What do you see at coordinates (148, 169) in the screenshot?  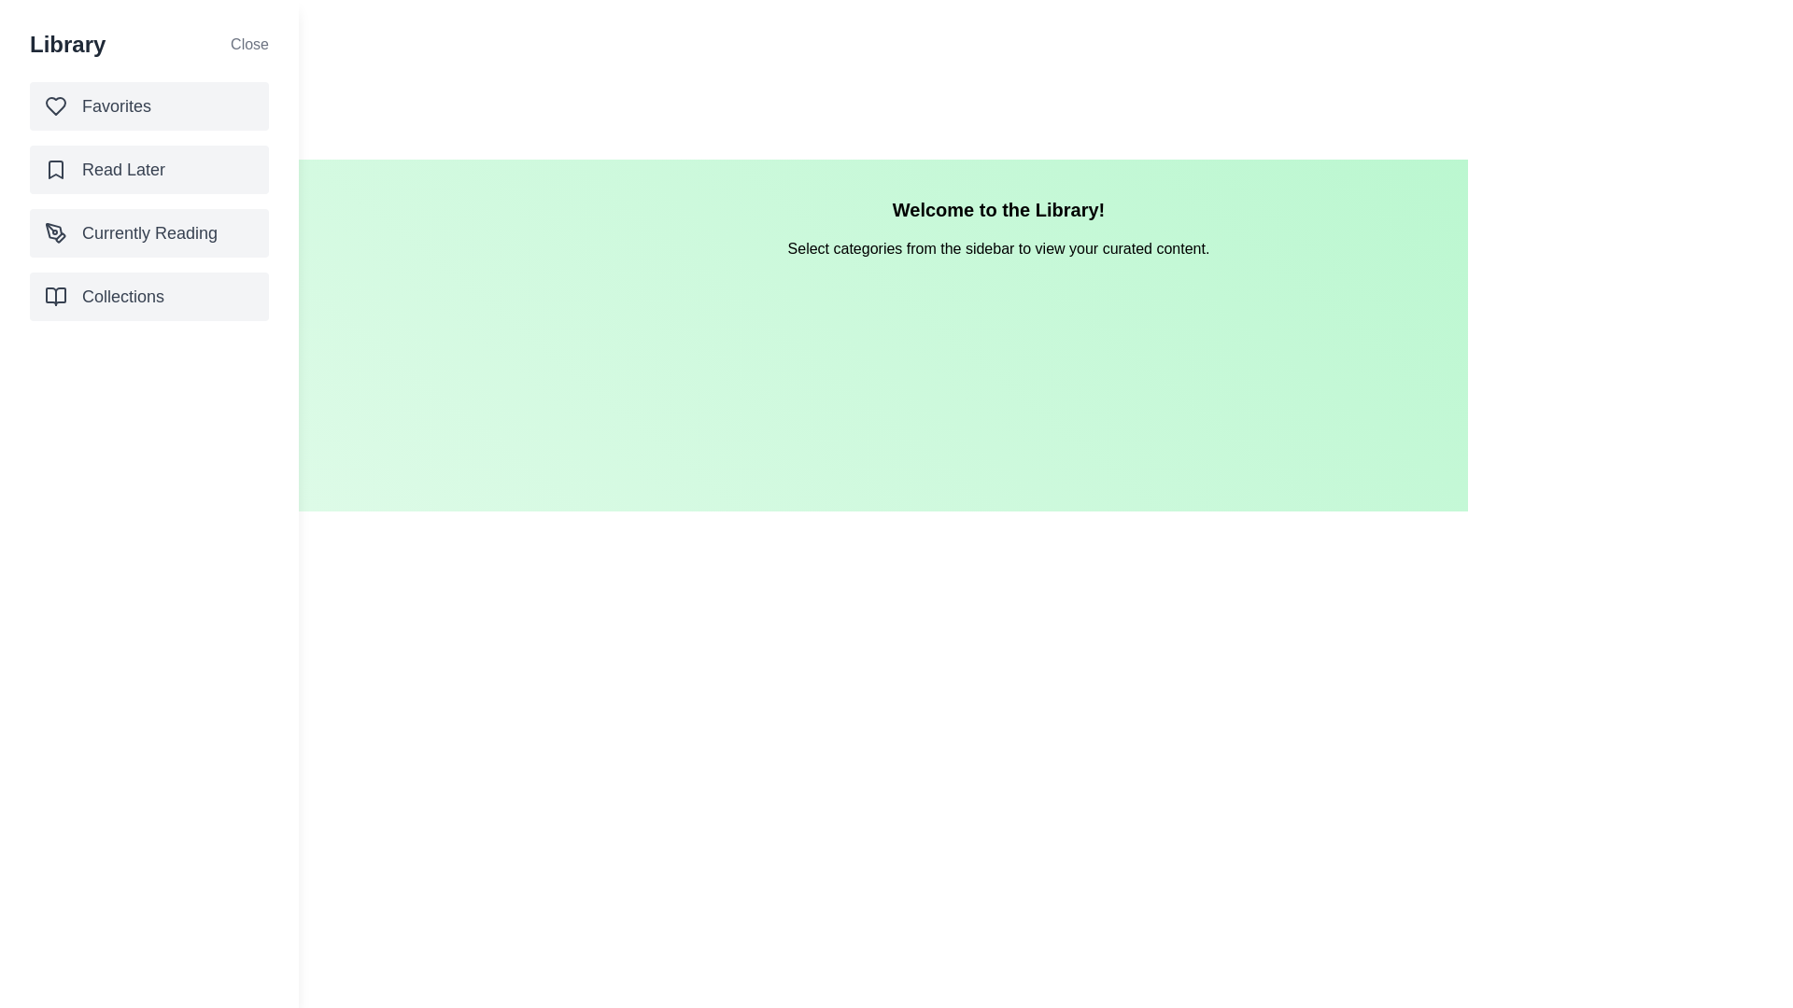 I see `the Read Later button in the sidebar` at bounding box center [148, 169].